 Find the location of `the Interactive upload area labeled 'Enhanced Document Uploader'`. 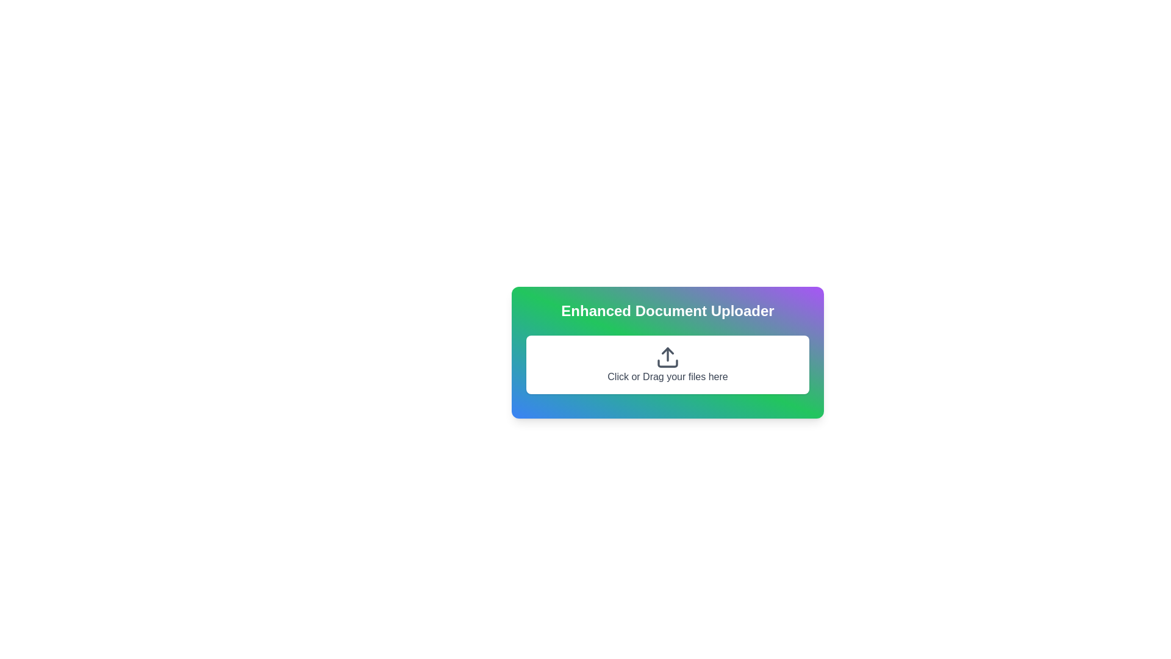

the Interactive upload area labeled 'Enhanced Document Uploader' is located at coordinates (667, 353).